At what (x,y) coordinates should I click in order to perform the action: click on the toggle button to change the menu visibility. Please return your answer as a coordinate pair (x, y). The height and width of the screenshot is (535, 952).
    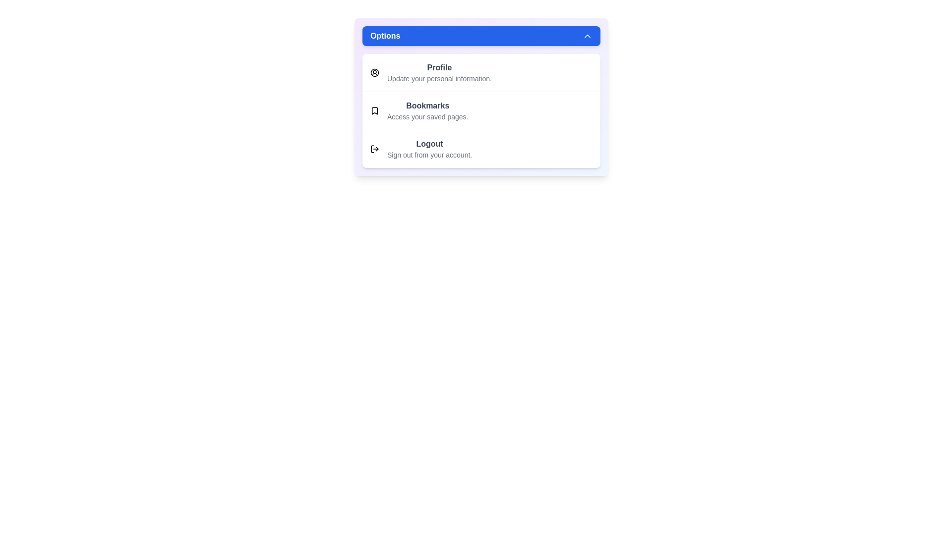
    Looking at the image, I should click on (481, 36).